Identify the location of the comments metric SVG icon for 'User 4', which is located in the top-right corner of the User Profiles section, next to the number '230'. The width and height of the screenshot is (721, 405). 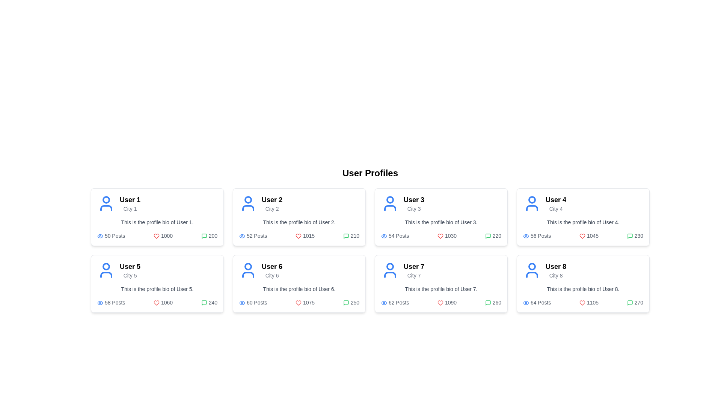
(630, 236).